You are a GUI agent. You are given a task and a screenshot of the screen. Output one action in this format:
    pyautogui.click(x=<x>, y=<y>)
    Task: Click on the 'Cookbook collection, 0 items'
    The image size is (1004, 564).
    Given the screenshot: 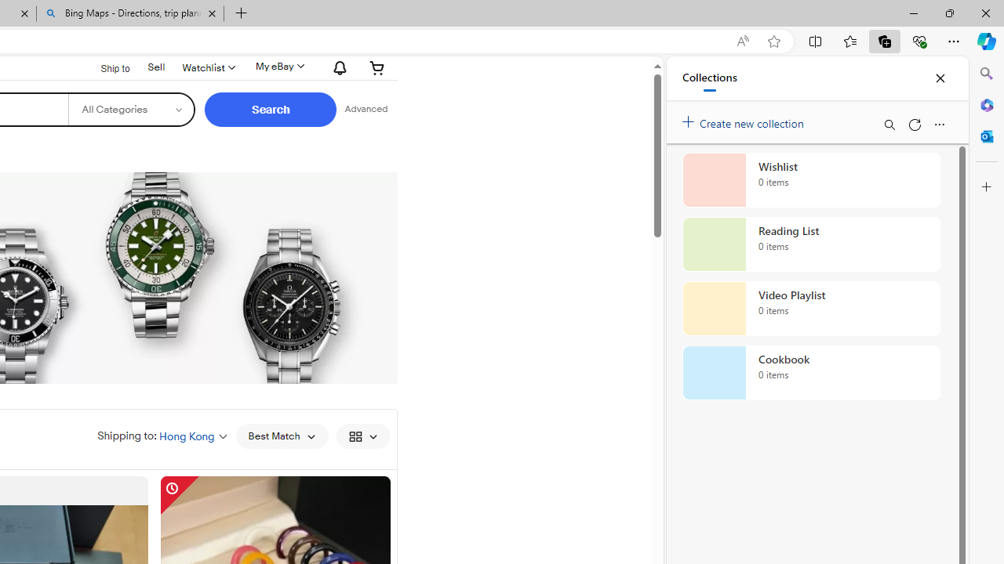 What is the action you would take?
    pyautogui.click(x=811, y=372)
    